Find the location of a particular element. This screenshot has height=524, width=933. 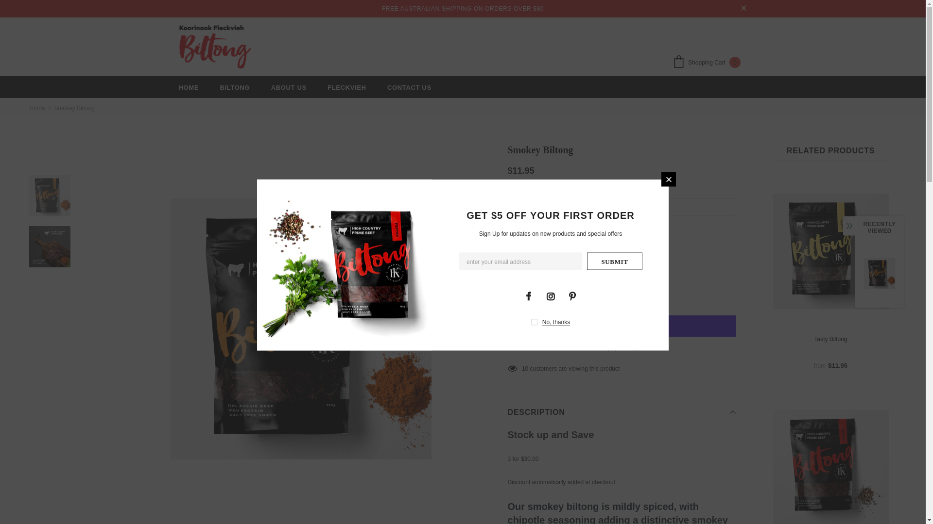

'DESCRIPTION' is located at coordinates (622, 411).